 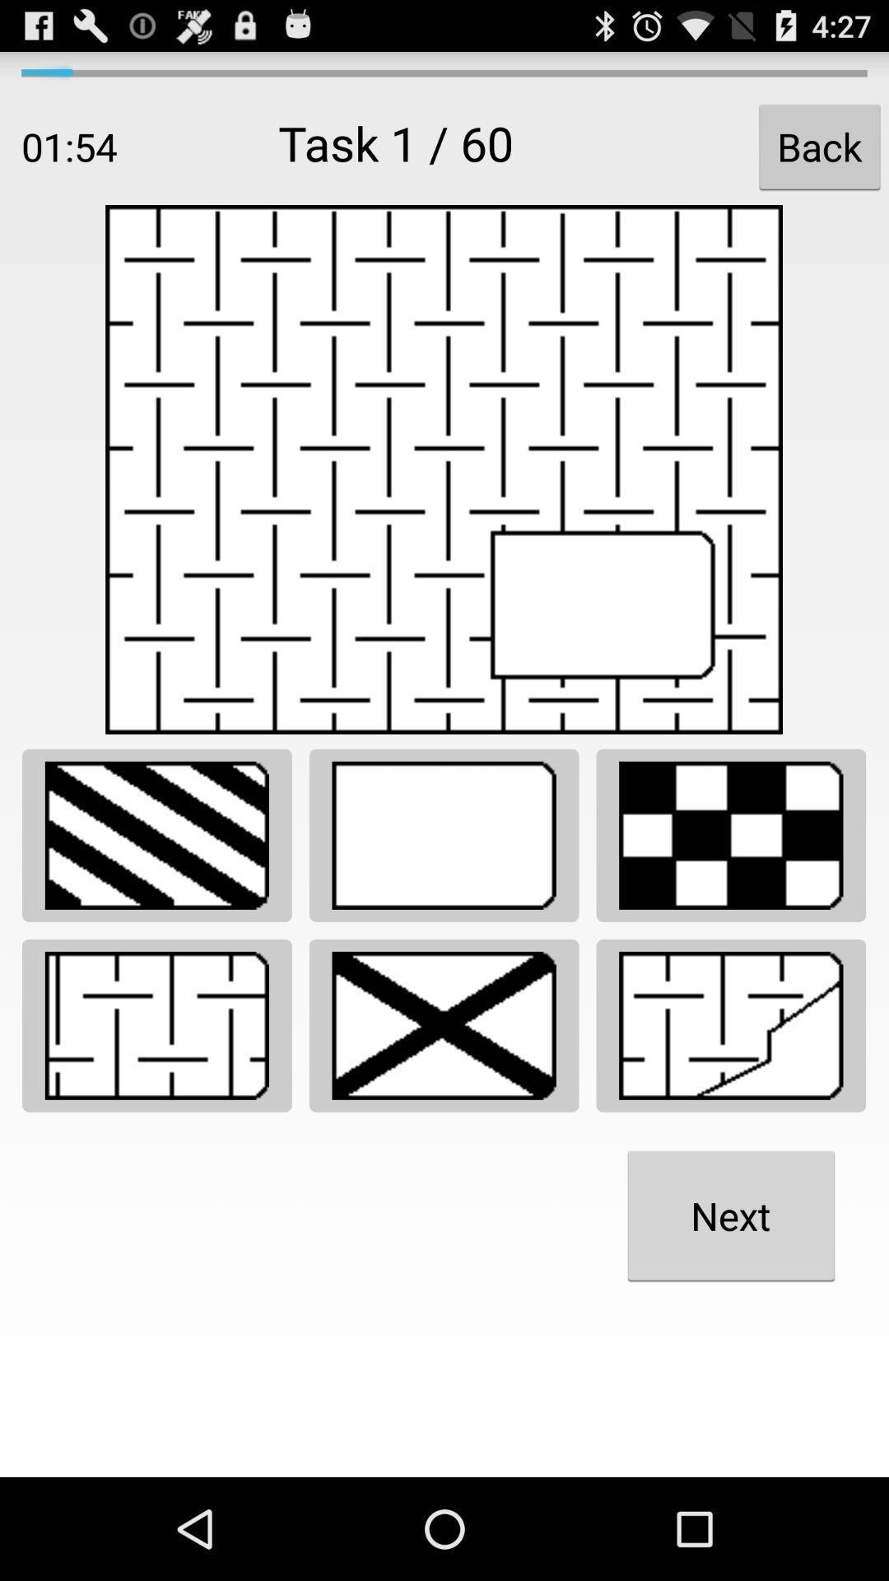 What do you see at coordinates (730, 1024) in the screenshot?
I see `home back` at bounding box center [730, 1024].